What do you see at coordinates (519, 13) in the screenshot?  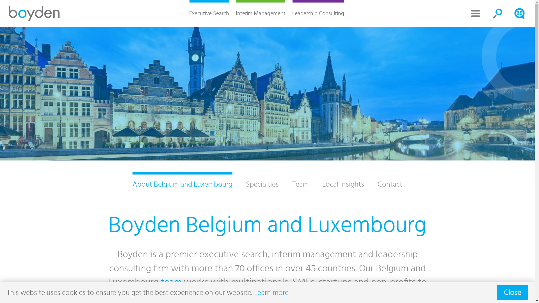 I see `'Search'` at bounding box center [519, 13].